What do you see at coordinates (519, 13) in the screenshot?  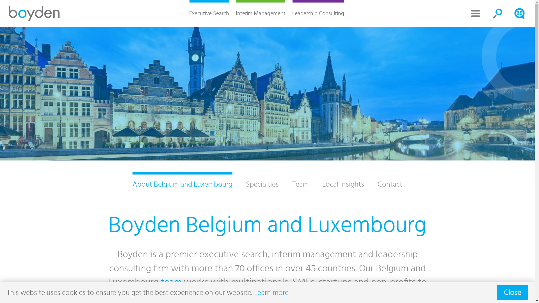 I see `'Search'` at bounding box center [519, 13].